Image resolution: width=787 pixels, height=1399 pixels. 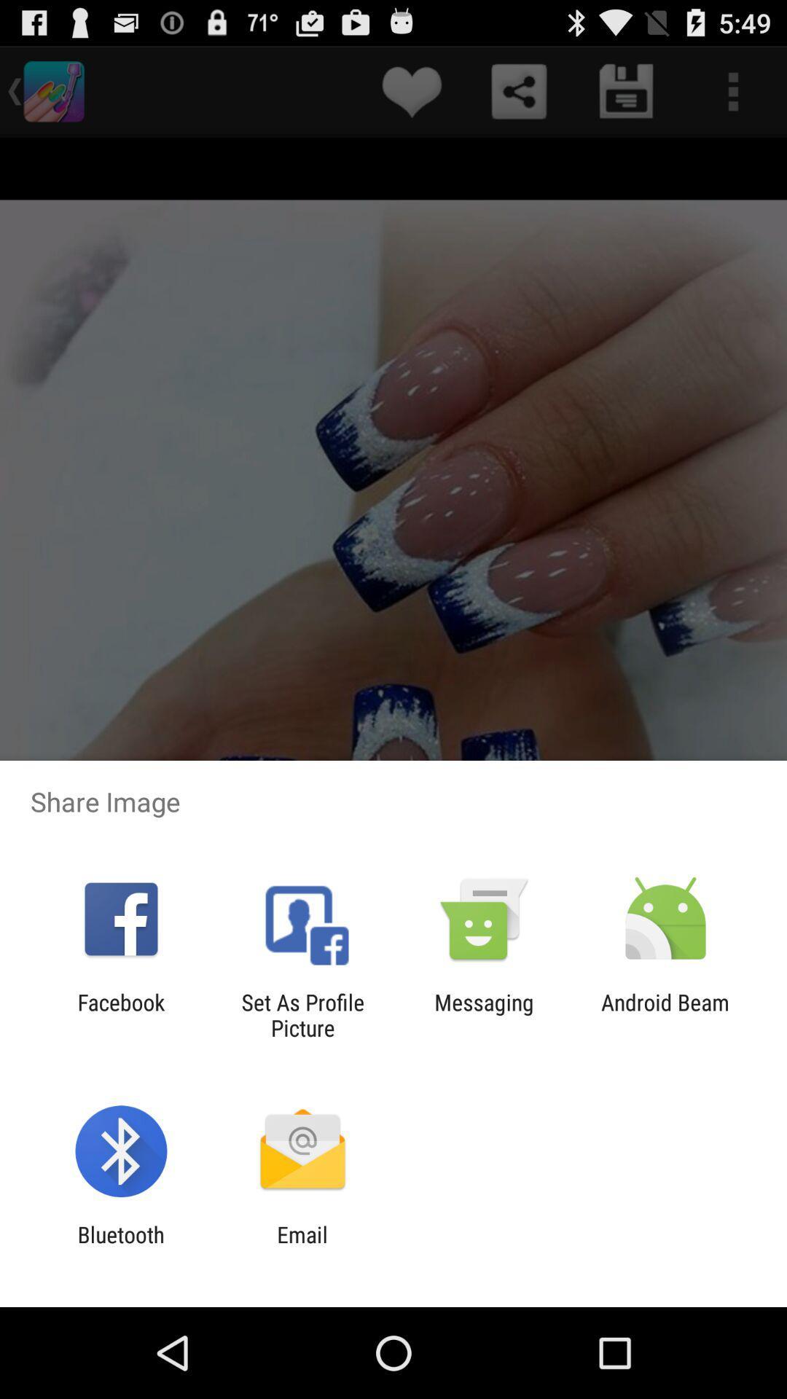 What do you see at coordinates (665, 1014) in the screenshot?
I see `the android beam` at bounding box center [665, 1014].